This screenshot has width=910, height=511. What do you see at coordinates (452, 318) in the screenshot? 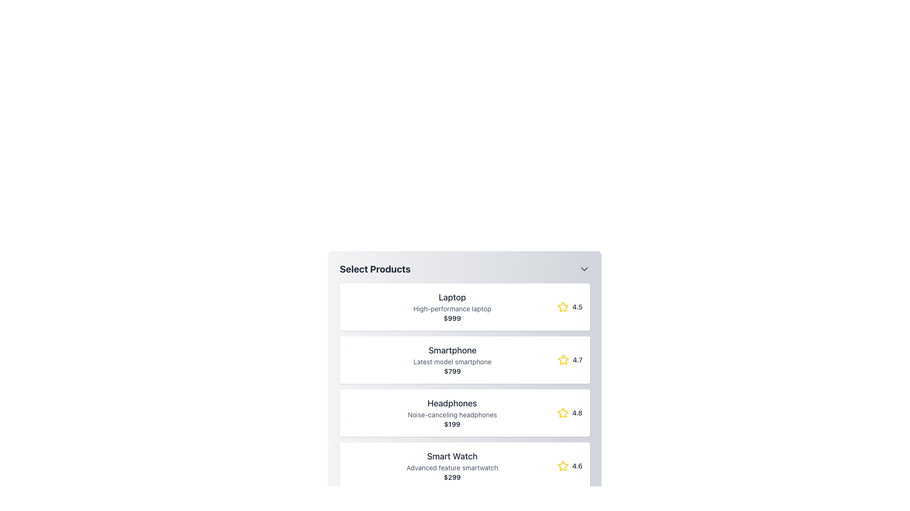
I see `the static text label displaying the price '$999' in the product description card for 'Laptop'` at bounding box center [452, 318].